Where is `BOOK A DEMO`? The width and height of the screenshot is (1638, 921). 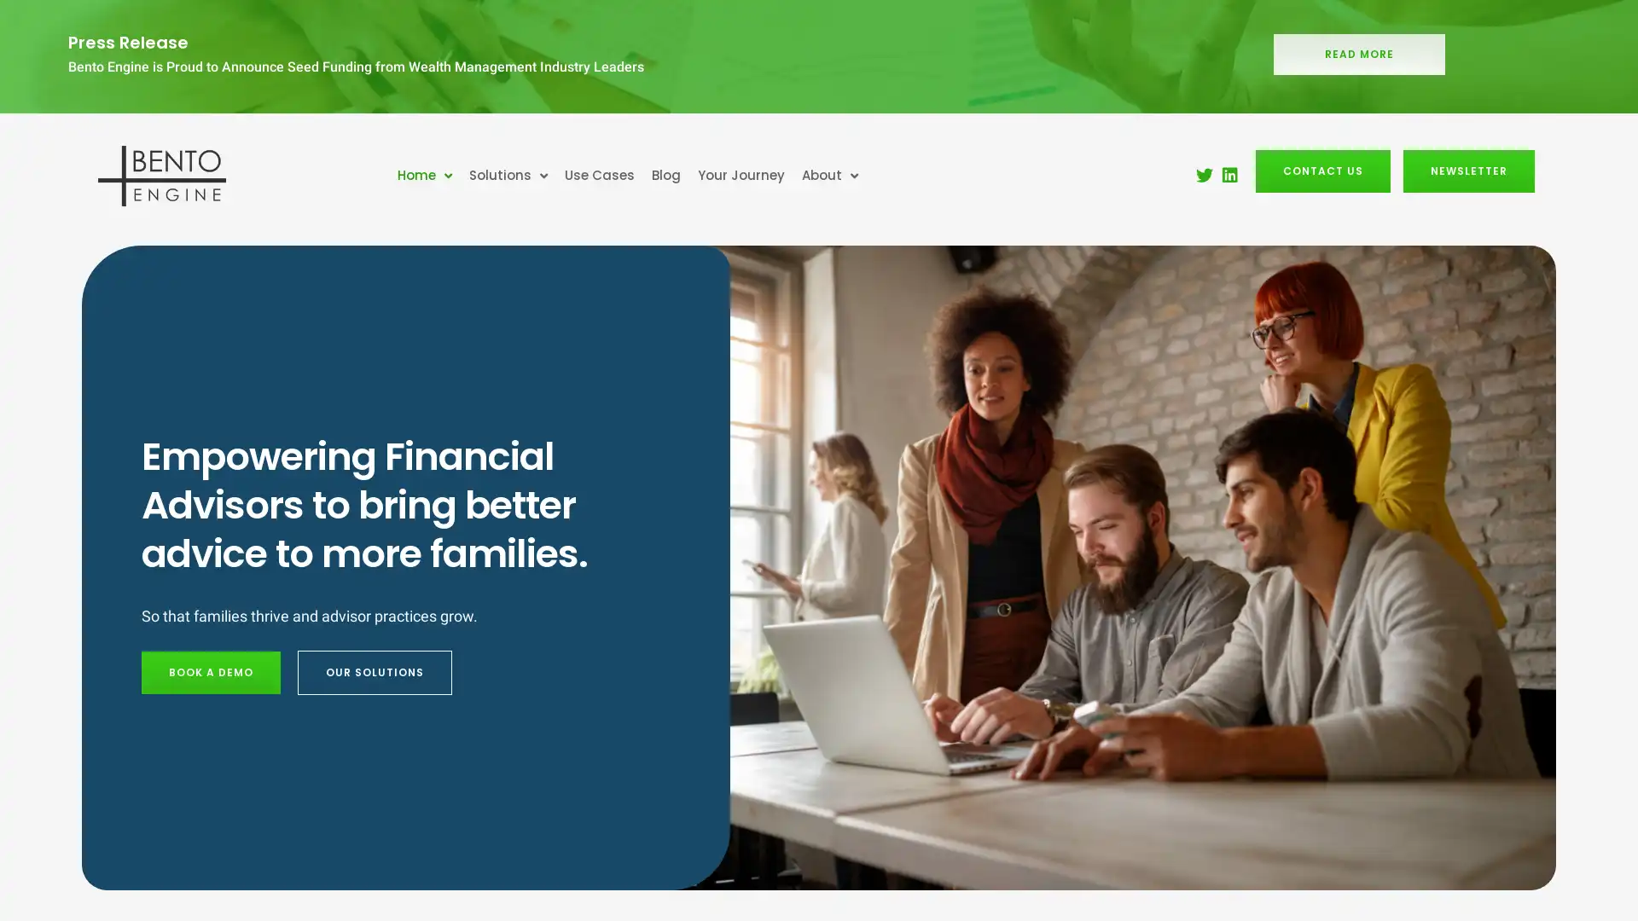
BOOK A DEMO is located at coordinates (210, 672).